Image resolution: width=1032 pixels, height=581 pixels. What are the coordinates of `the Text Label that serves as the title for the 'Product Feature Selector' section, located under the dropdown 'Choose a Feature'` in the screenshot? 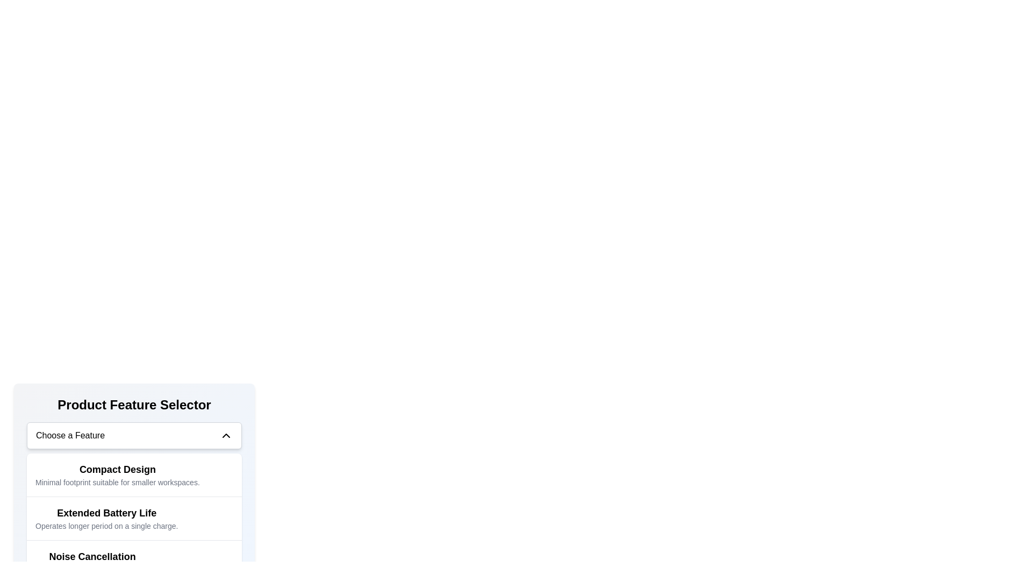 It's located at (117, 469).